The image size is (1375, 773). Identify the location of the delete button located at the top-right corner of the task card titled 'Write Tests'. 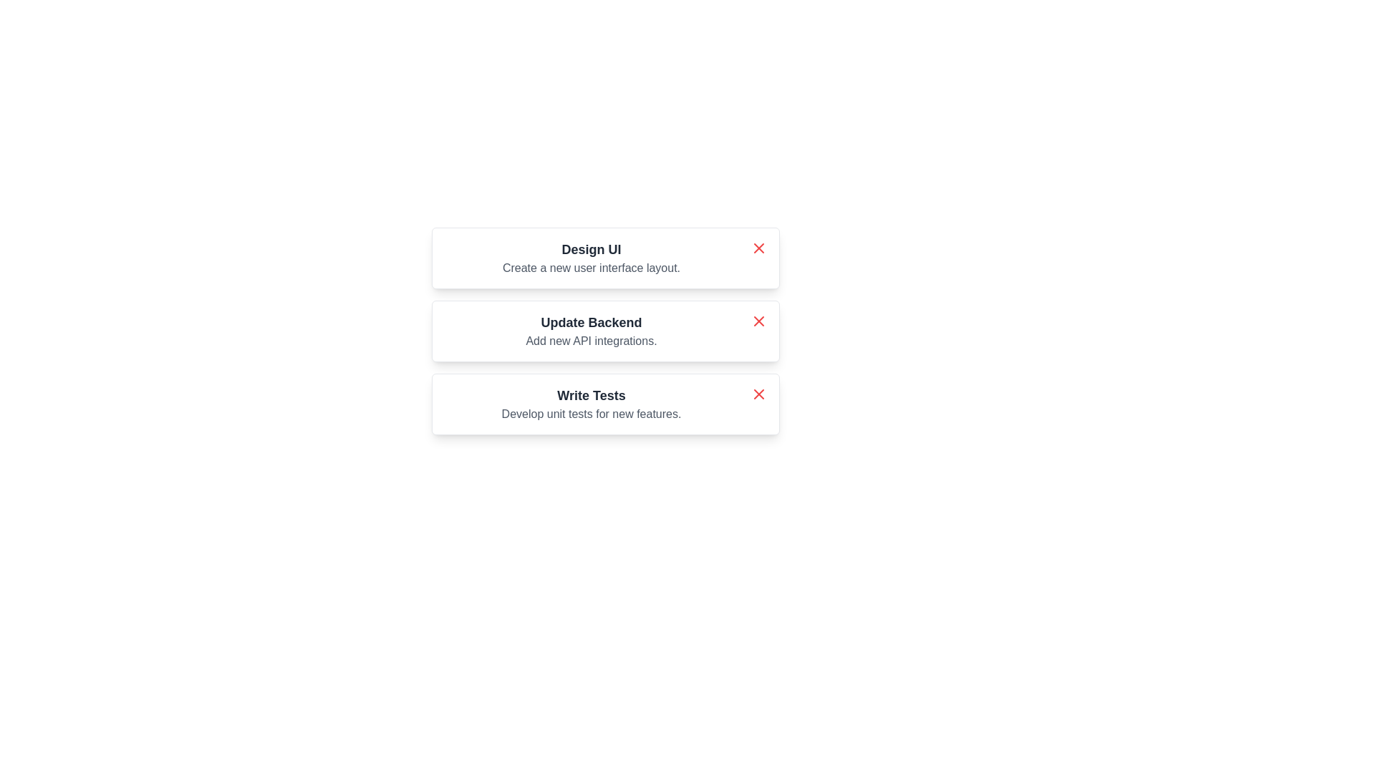
(758, 394).